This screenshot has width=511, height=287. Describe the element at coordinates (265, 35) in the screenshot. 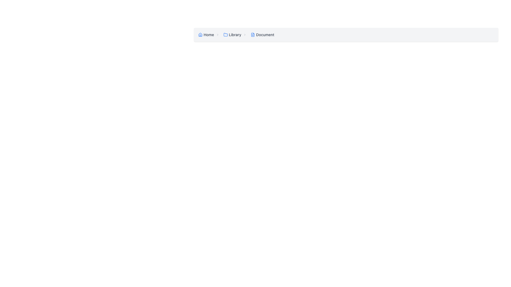

I see `the Text Label that indicates the current section or page in the breadcrumb navigation, positioned as the last item to the right of the folder icon` at that location.